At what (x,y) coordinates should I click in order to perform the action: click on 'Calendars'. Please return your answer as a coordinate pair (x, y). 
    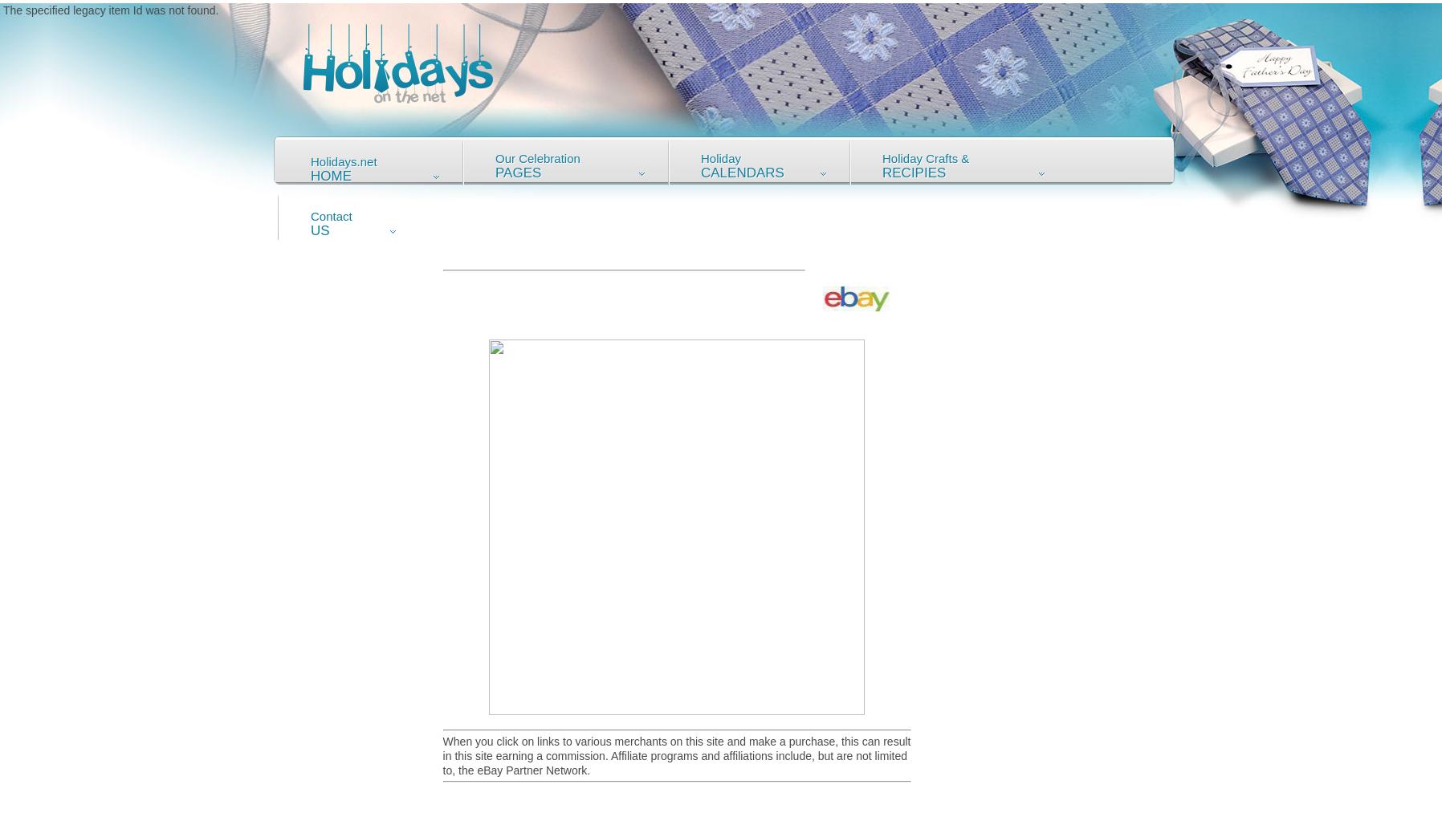
    Looking at the image, I should click on (741, 172).